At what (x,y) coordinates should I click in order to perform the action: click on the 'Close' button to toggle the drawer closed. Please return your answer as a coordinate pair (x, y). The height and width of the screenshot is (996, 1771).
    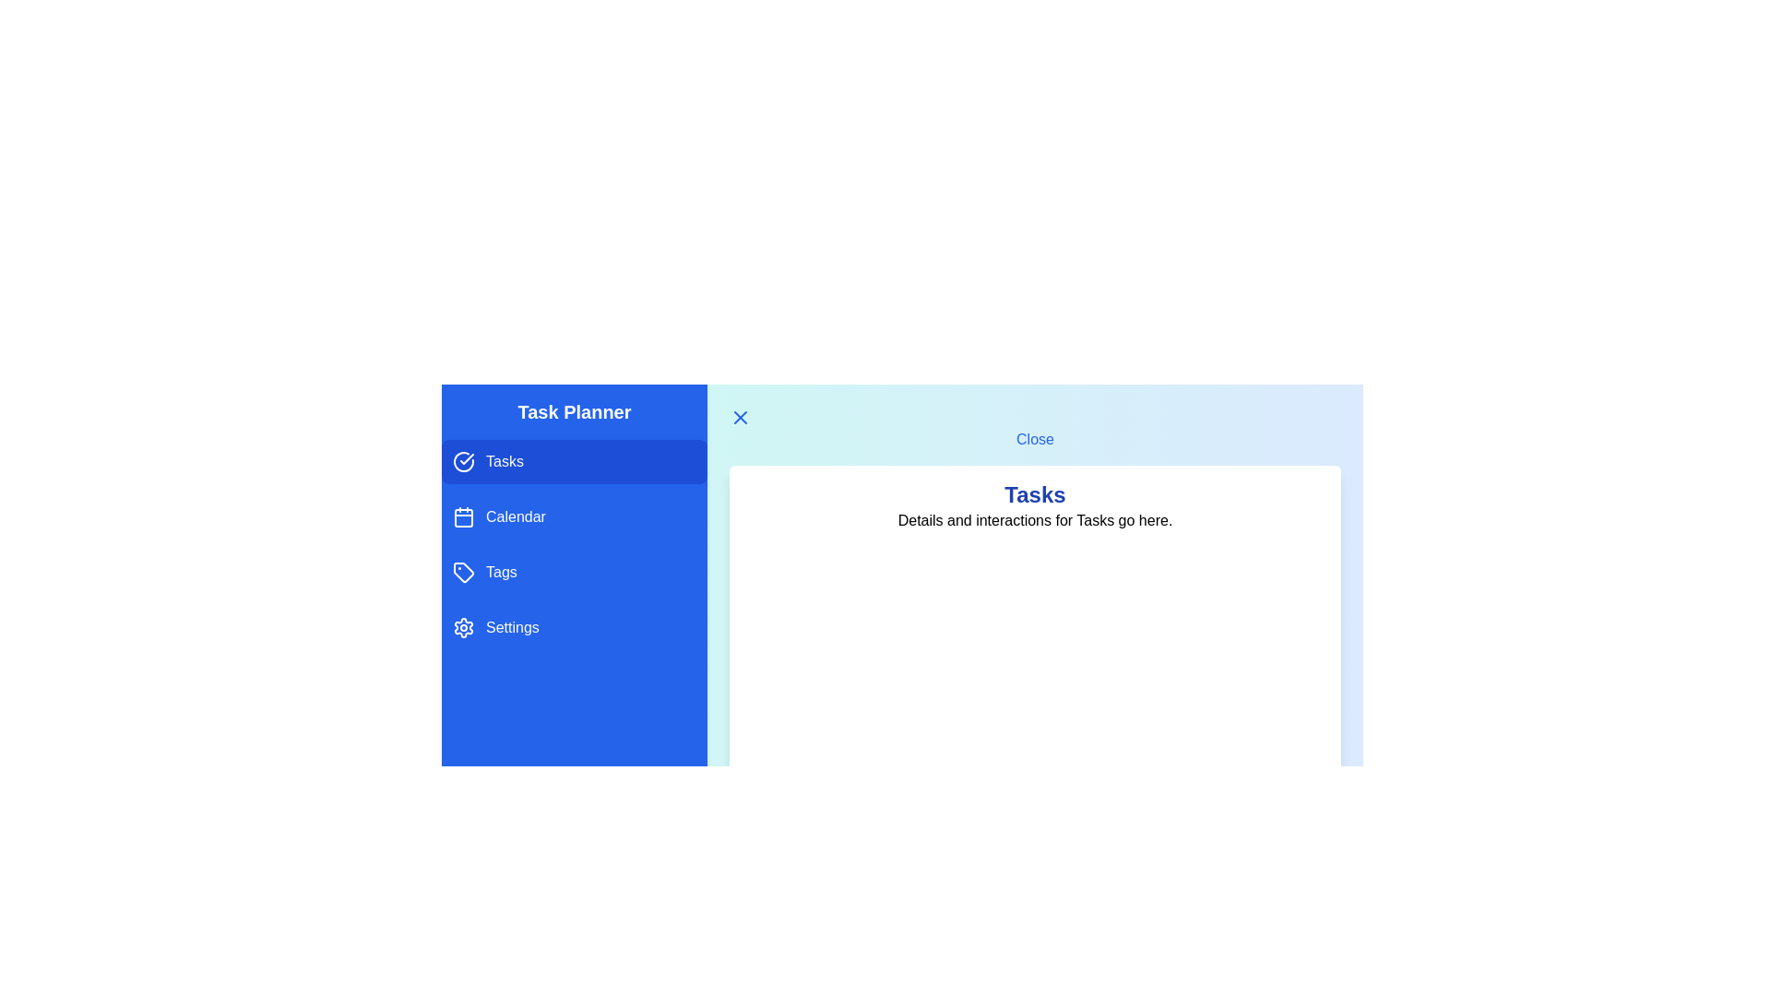
    Looking at the image, I should click on (1035, 429).